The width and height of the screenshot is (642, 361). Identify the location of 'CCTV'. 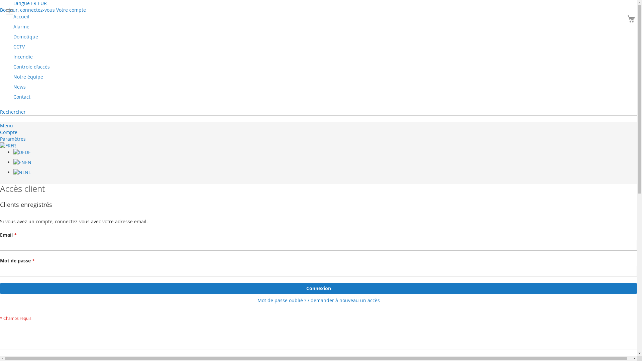
(19, 46).